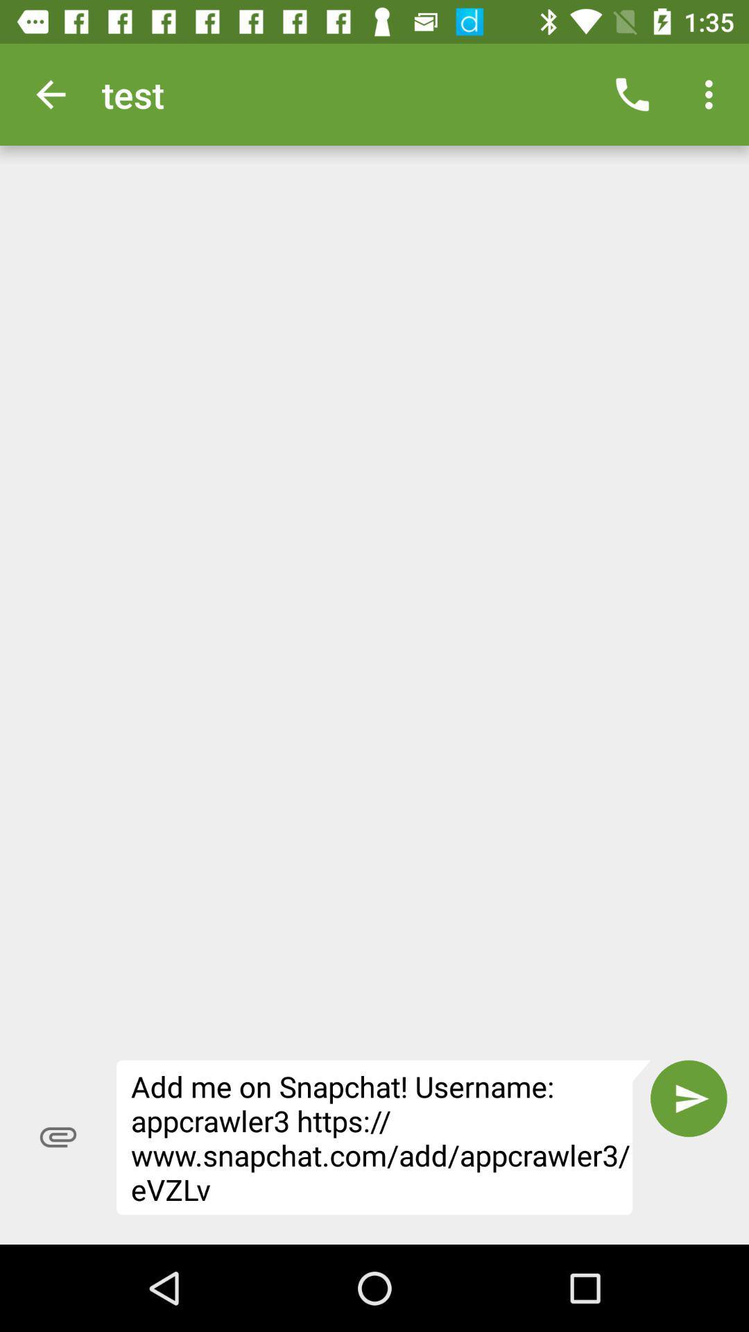  Describe the element at coordinates (632, 94) in the screenshot. I see `icon next to test item` at that location.